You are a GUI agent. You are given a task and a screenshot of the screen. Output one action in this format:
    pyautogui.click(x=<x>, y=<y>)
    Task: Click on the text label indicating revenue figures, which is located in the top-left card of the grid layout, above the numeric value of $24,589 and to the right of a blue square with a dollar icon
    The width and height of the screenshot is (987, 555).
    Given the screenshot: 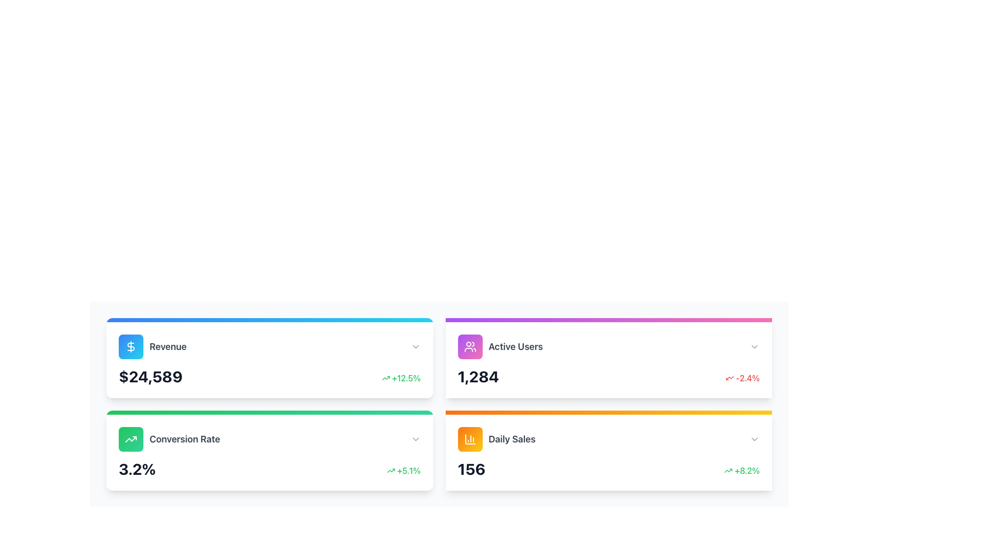 What is the action you would take?
    pyautogui.click(x=168, y=347)
    